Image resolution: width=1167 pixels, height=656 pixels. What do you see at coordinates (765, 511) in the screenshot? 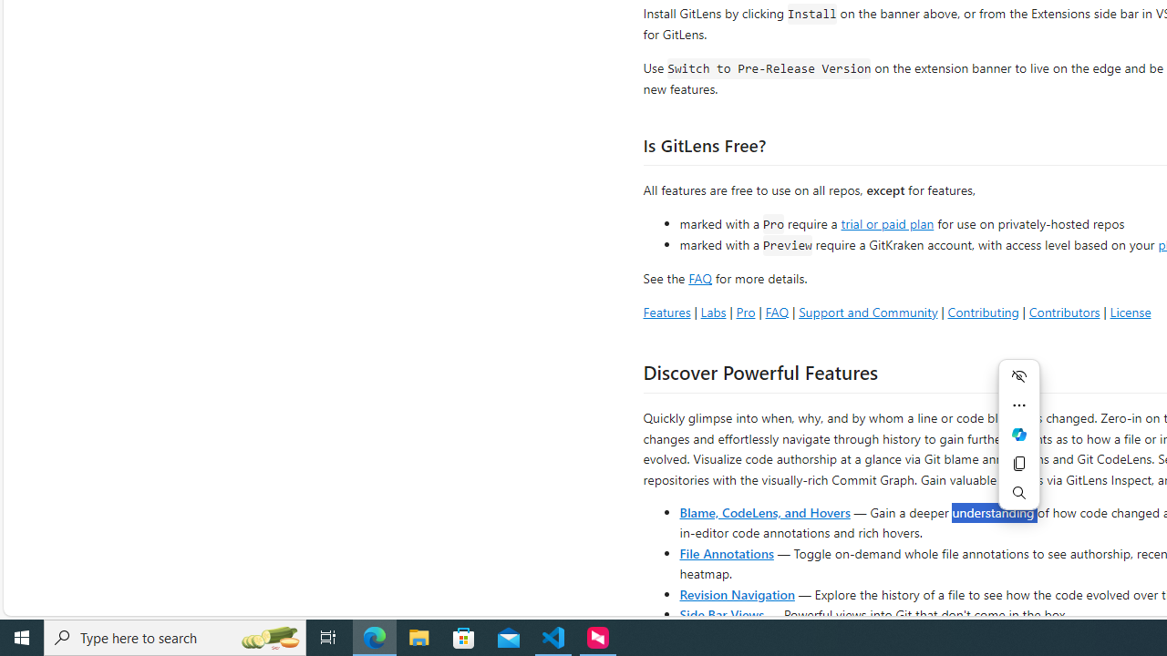
I see `'Blame, CodeLens, and Hovers'` at bounding box center [765, 511].